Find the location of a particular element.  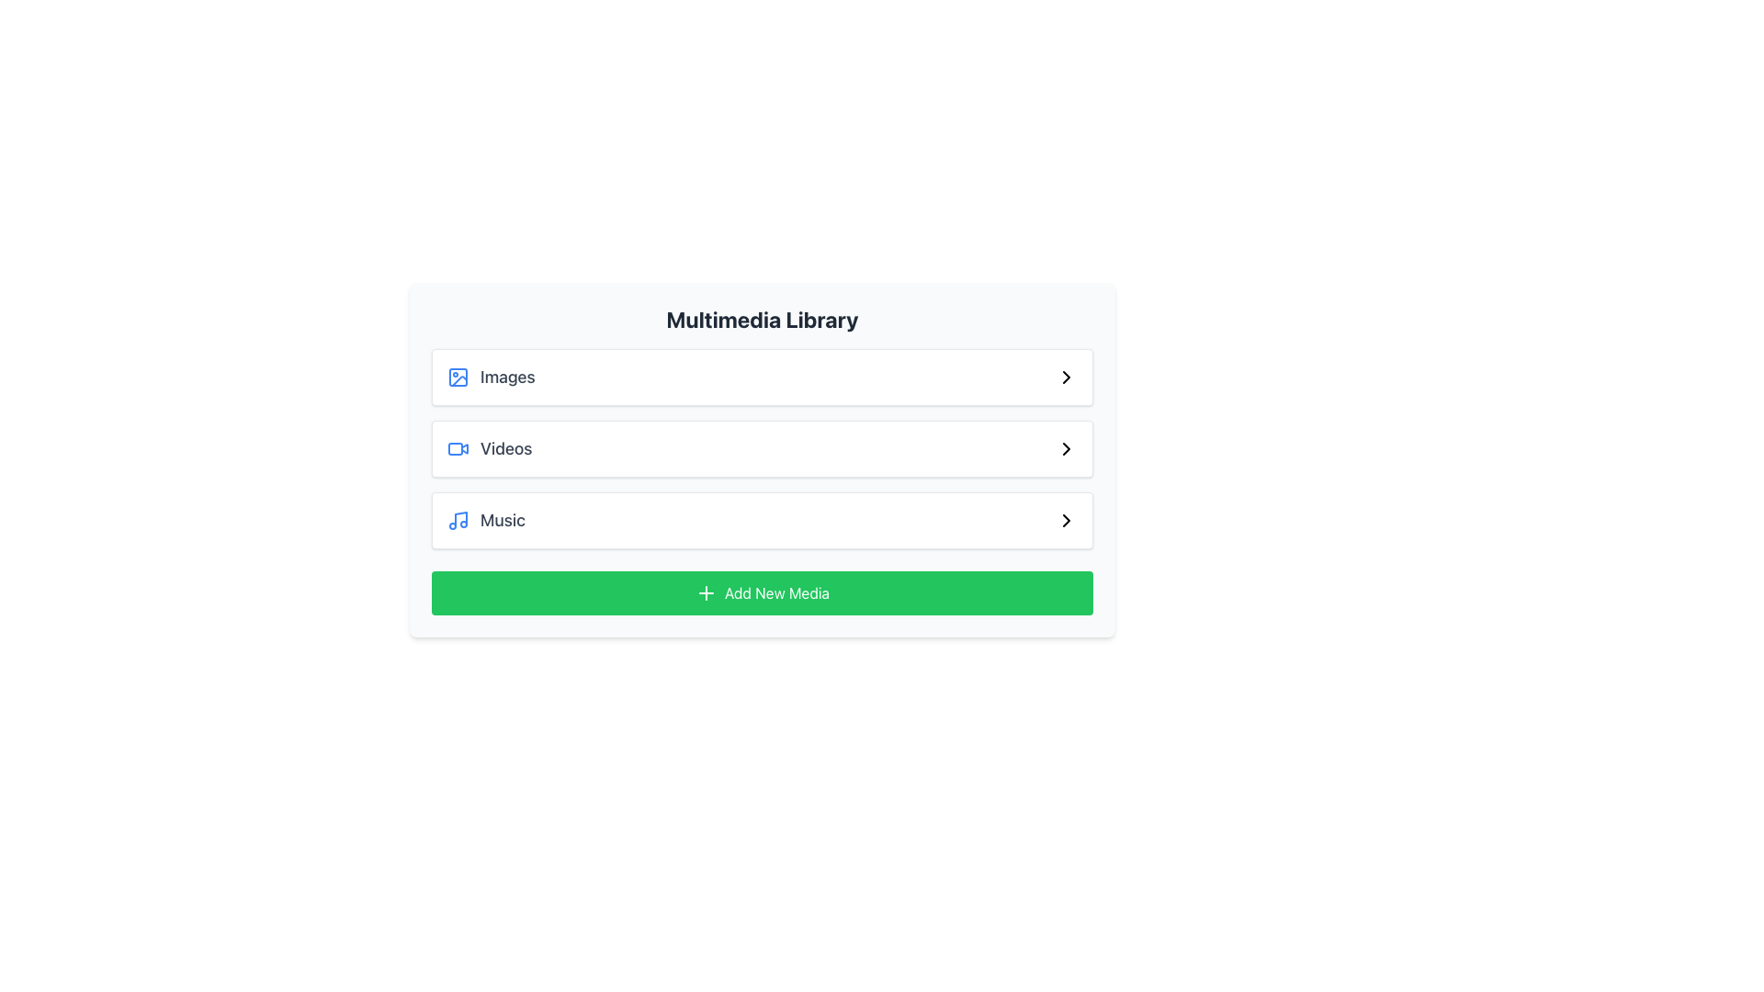

the 'Music' option in the 'Multimedia Library' section, which is the third item in a vertically stacked list, located between 'Videos' and 'Add New Media' is located at coordinates (486, 521).